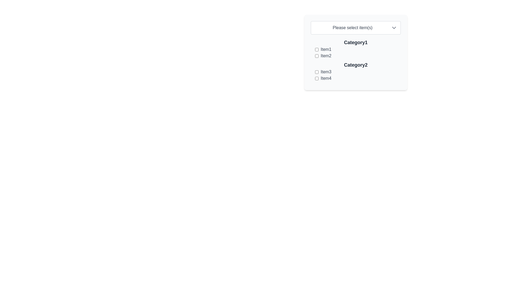 The height and width of the screenshot is (289, 514). What do you see at coordinates (394, 28) in the screenshot?
I see `the downward-pointing gray chevron icon located in the dropdown area next to the label 'Please select item(s)'` at bounding box center [394, 28].